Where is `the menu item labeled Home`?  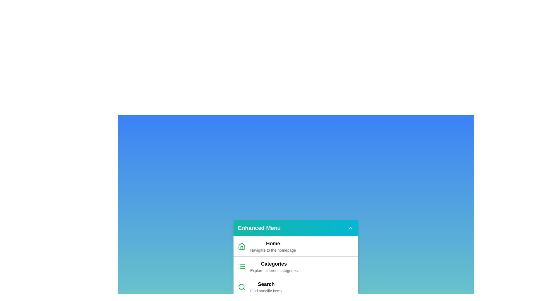
the menu item labeled Home is located at coordinates (264, 246).